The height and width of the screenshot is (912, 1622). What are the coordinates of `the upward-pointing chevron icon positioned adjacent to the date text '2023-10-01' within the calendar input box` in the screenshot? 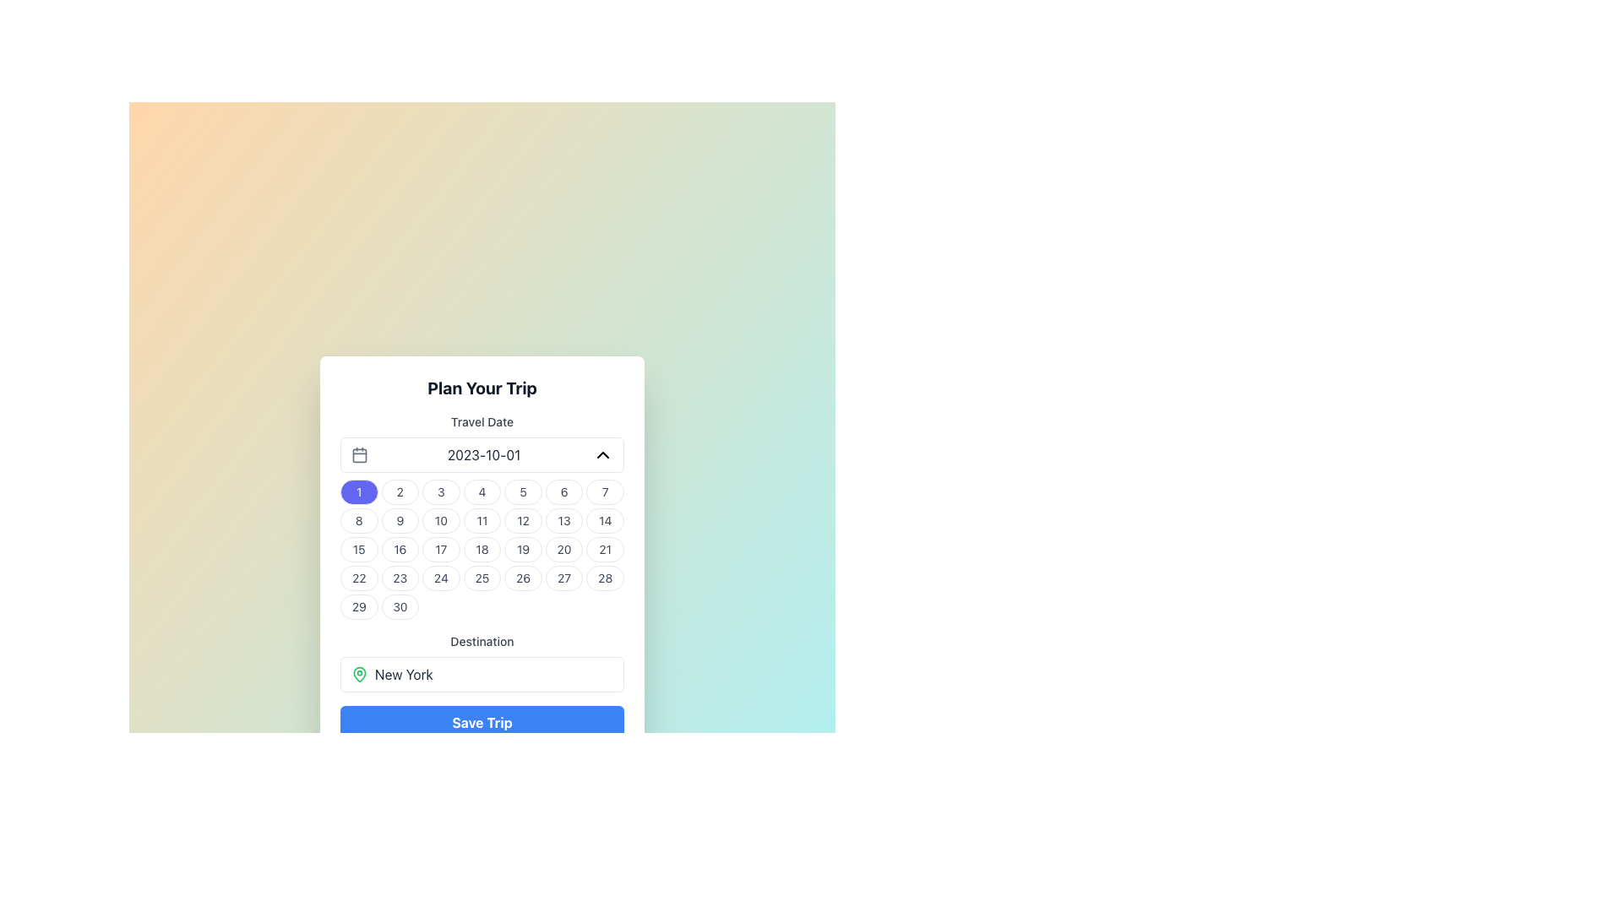 It's located at (603, 454).